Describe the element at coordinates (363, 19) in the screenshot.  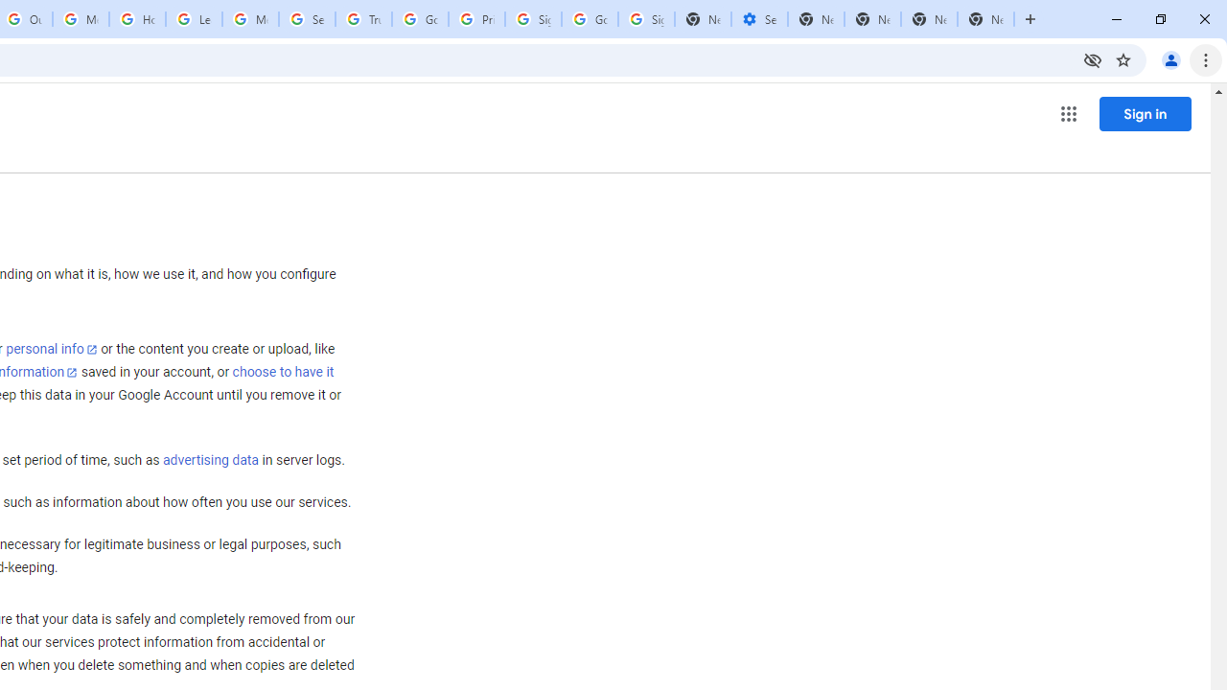
I see `'Trusted Information and Content - Google Safety Center'` at that location.